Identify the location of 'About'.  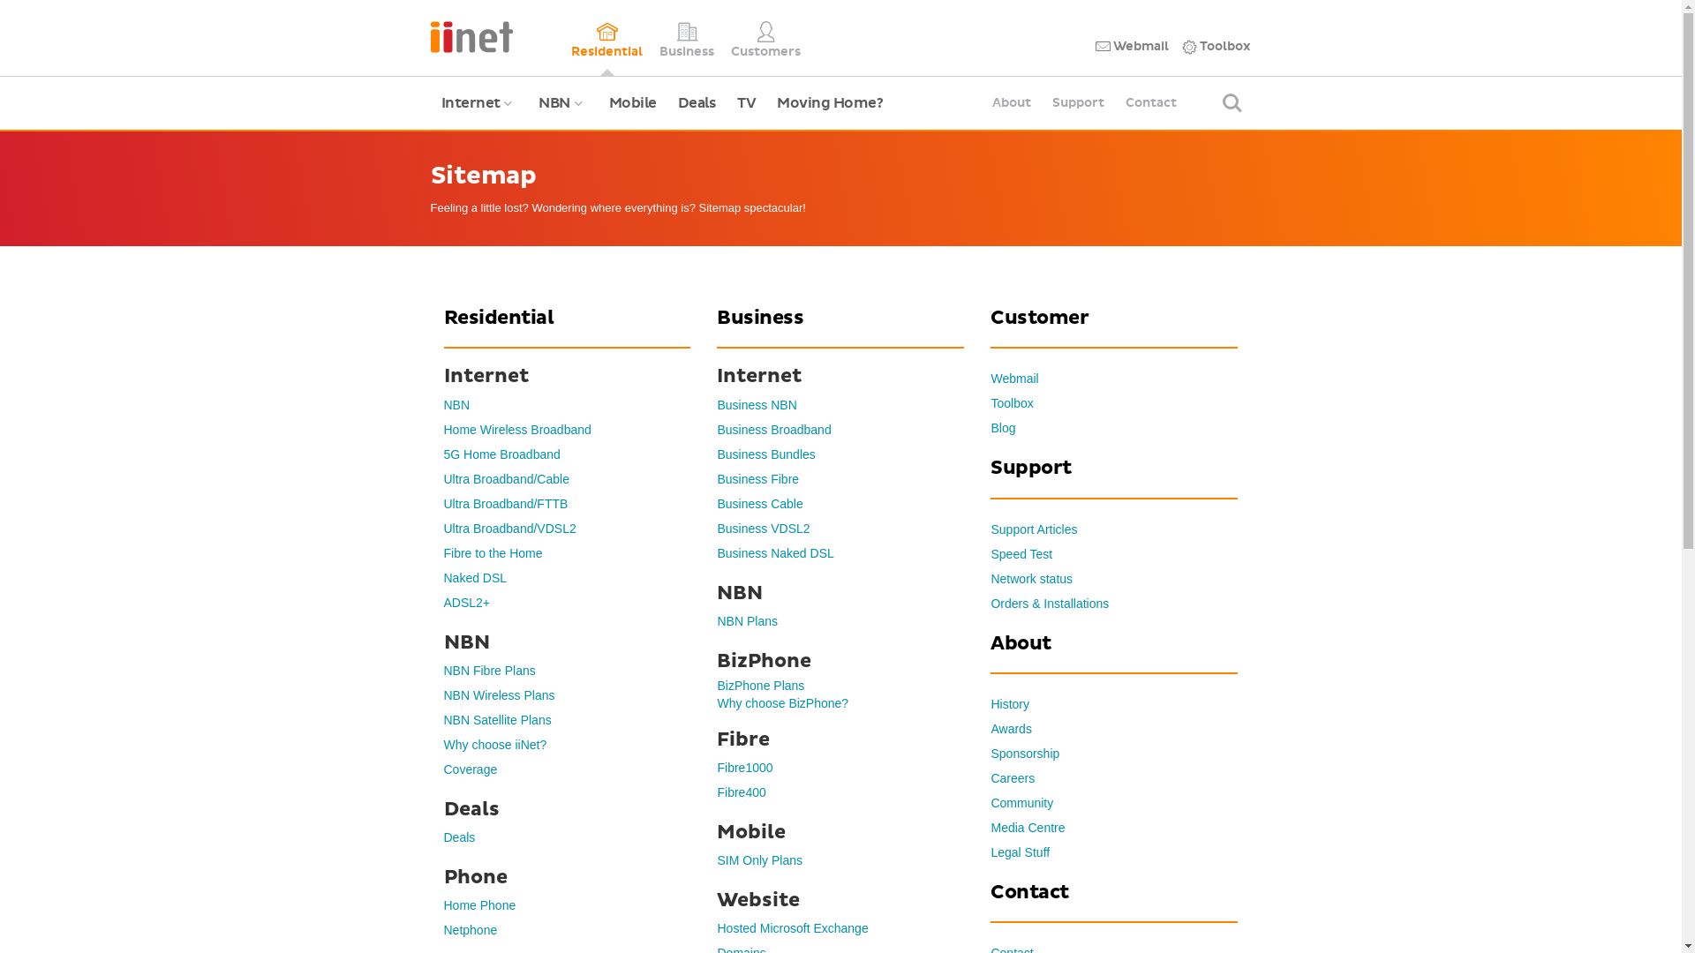
(981, 102).